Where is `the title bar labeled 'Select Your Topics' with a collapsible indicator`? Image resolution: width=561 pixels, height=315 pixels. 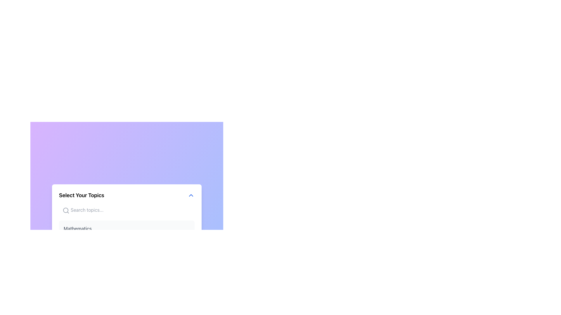
the title bar labeled 'Select Your Topics' with a collapsible indicator is located at coordinates (126, 195).